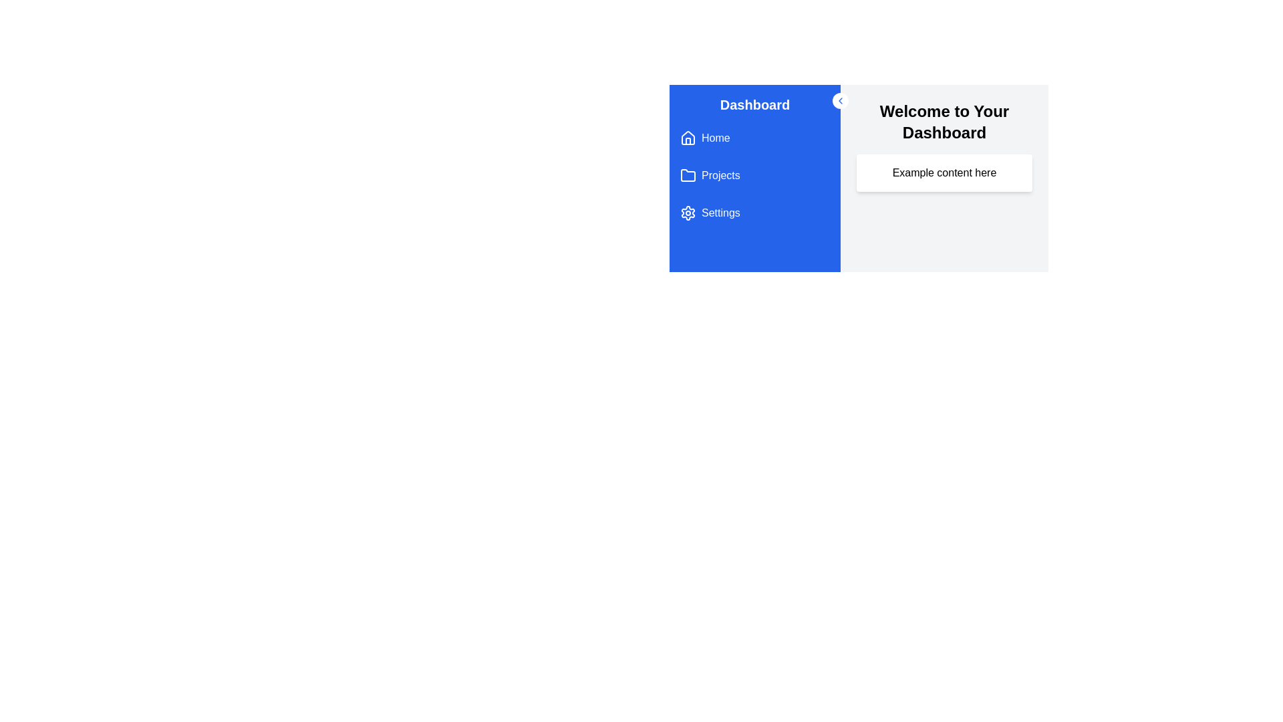  What do you see at coordinates (944, 122) in the screenshot?
I see `the bold and large text label that reads 'Welcome to Your Dashboard'` at bounding box center [944, 122].